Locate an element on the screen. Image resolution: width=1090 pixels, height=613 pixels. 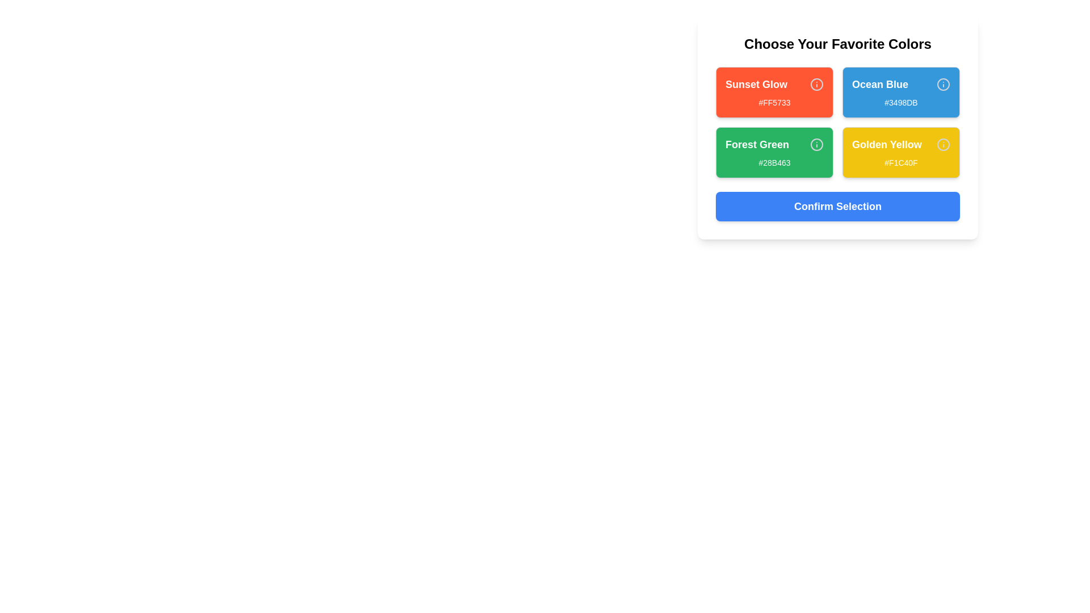
the 'Info' icon for the color Forest Green is located at coordinates (816, 144).